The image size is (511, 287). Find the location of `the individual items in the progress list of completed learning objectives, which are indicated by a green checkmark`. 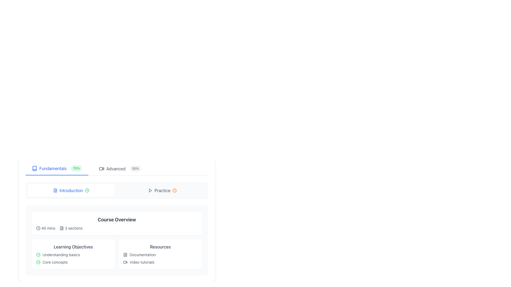

the individual items in the progress list of completed learning objectives, which are indicated by a green checkmark is located at coordinates (73, 258).